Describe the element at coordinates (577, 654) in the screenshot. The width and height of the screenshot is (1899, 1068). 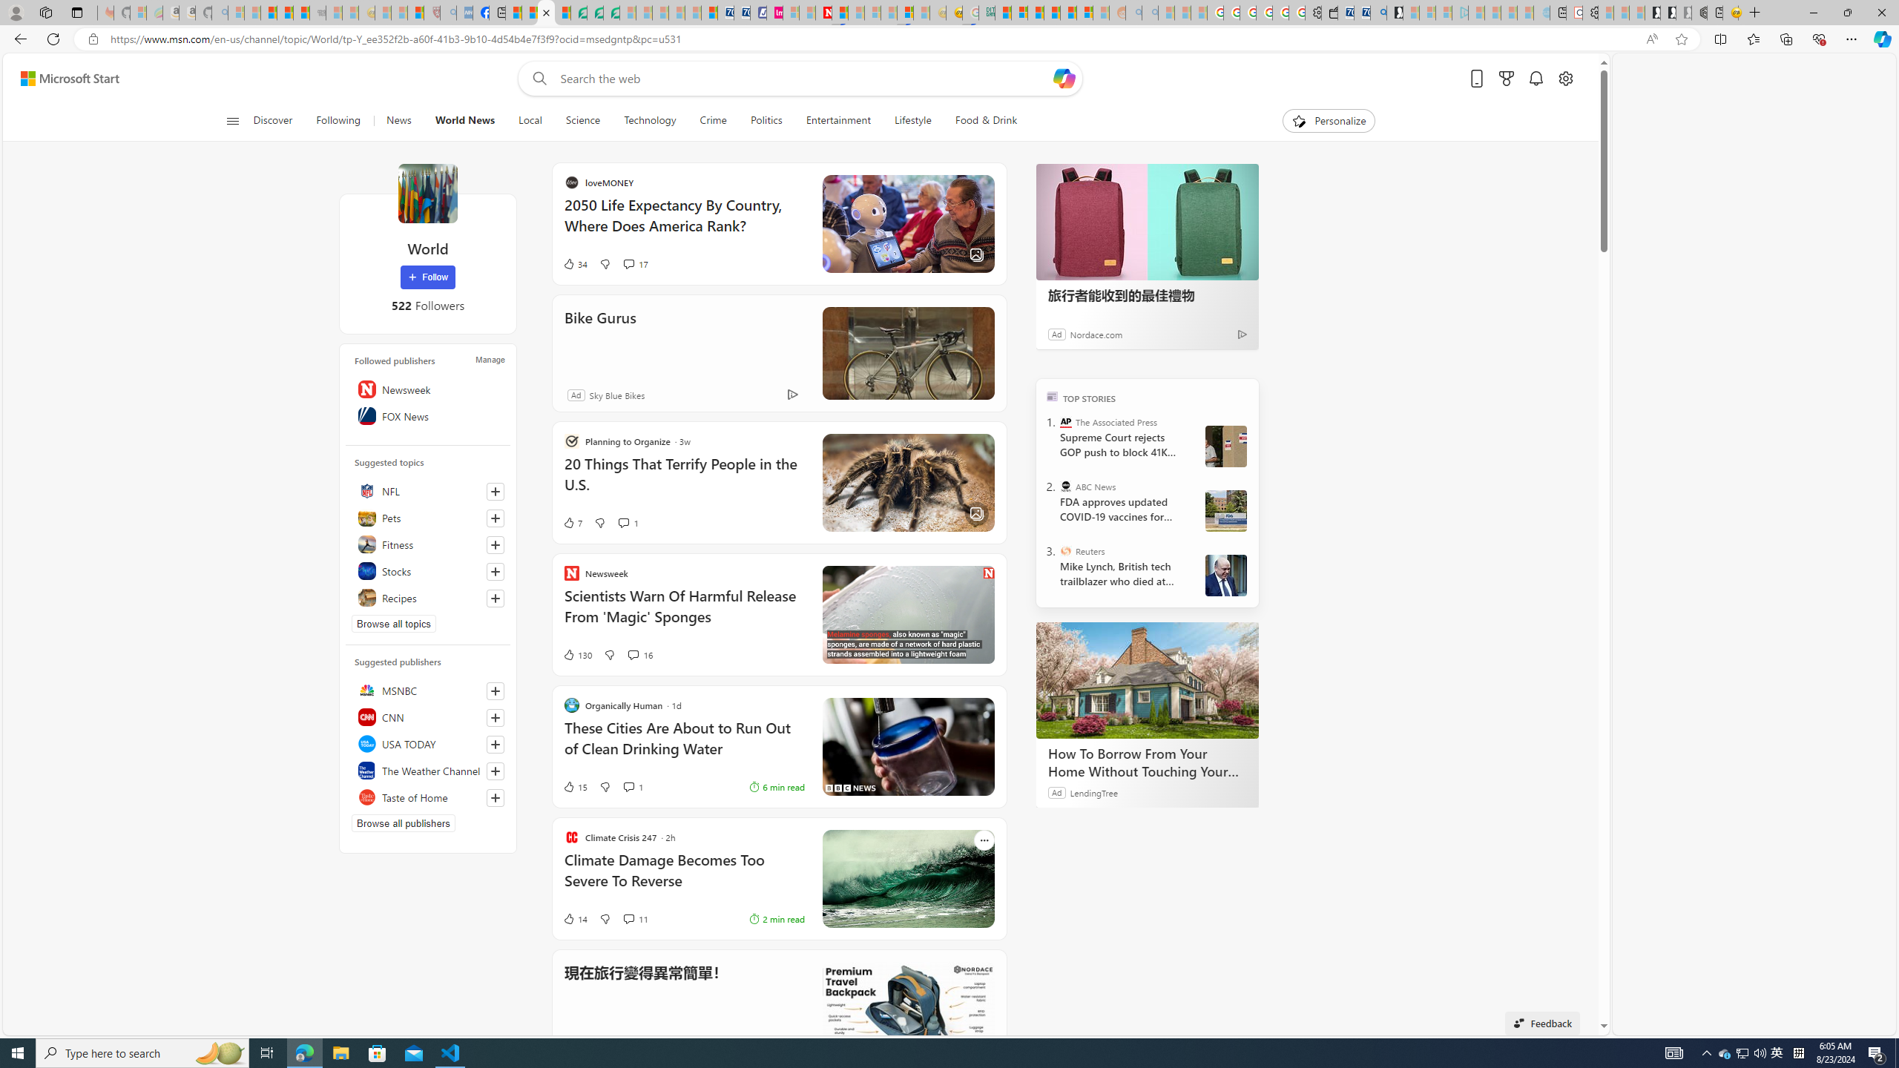
I see `'130 Like'` at that location.